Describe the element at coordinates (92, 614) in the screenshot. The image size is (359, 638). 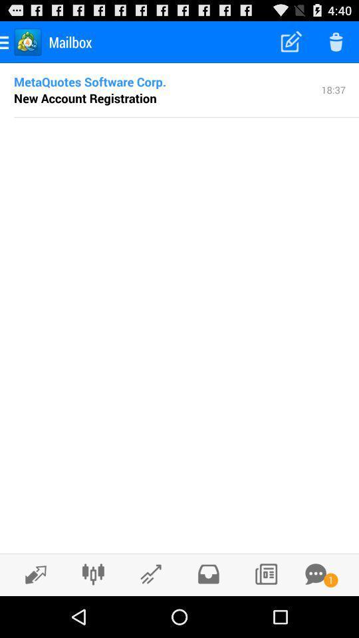
I see `the sliders icon` at that location.